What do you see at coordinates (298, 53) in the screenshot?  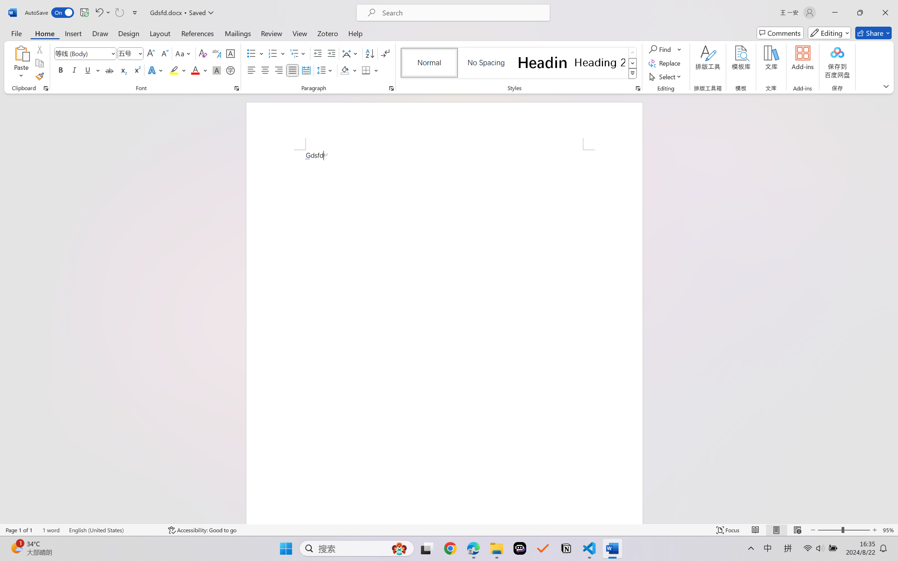 I see `'Multilevel List'` at bounding box center [298, 53].